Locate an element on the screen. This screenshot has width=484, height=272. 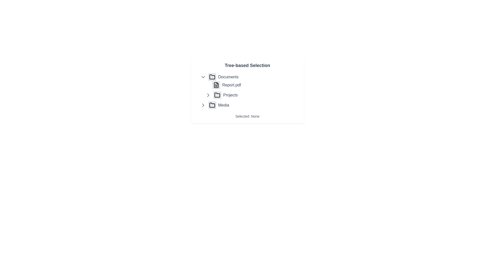
the folder icon representing the 'Projects' item in the tree-based selection interface to interact with it is located at coordinates (217, 95).